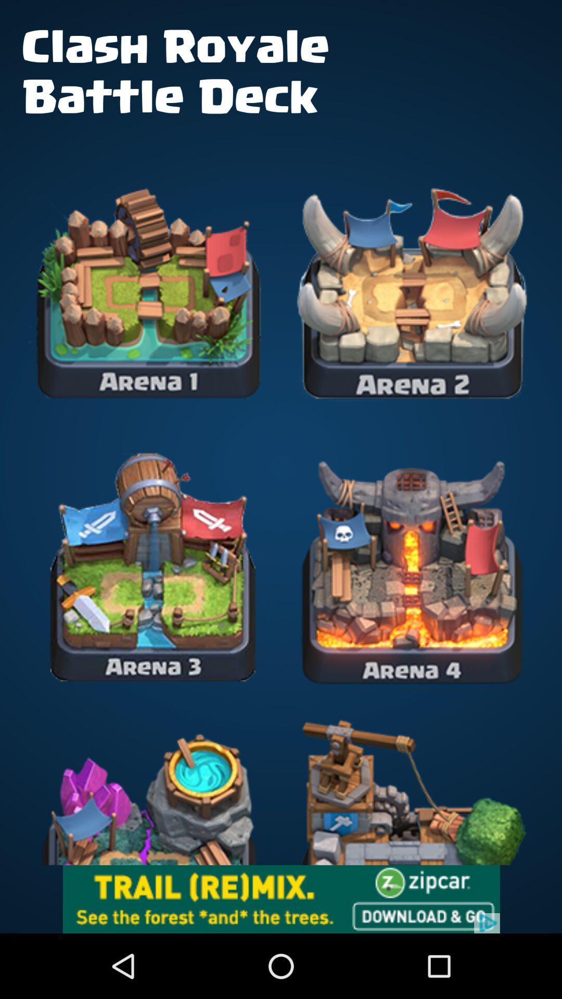  What do you see at coordinates (281, 899) in the screenshot?
I see `advertise banner` at bounding box center [281, 899].